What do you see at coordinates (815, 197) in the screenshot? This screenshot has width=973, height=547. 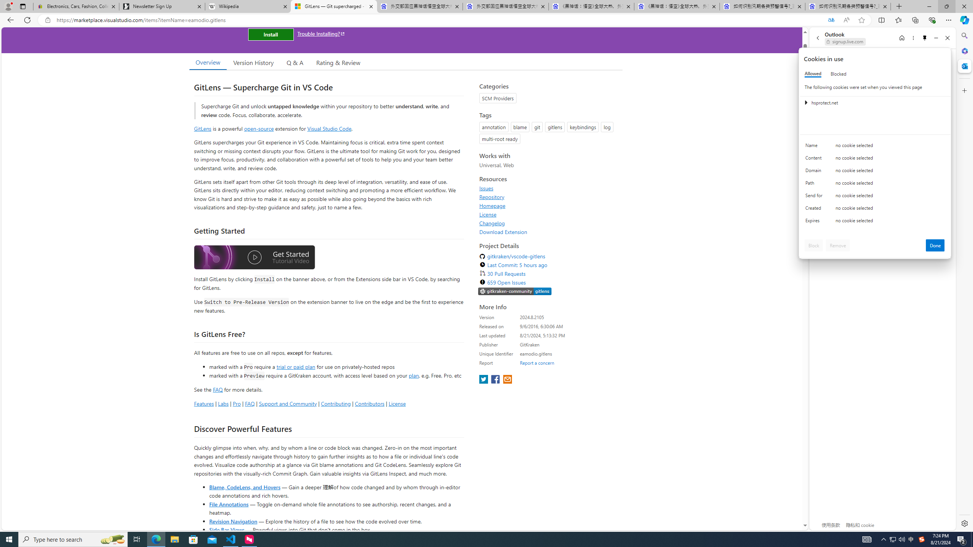 I see `'Send for'` at bounding box center [815, 197].